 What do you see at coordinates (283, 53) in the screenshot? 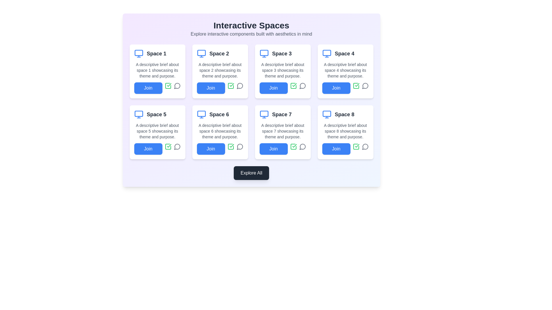
I see `the 'Space 3' label with the blue computer icon` at bounding box center [283, 53].